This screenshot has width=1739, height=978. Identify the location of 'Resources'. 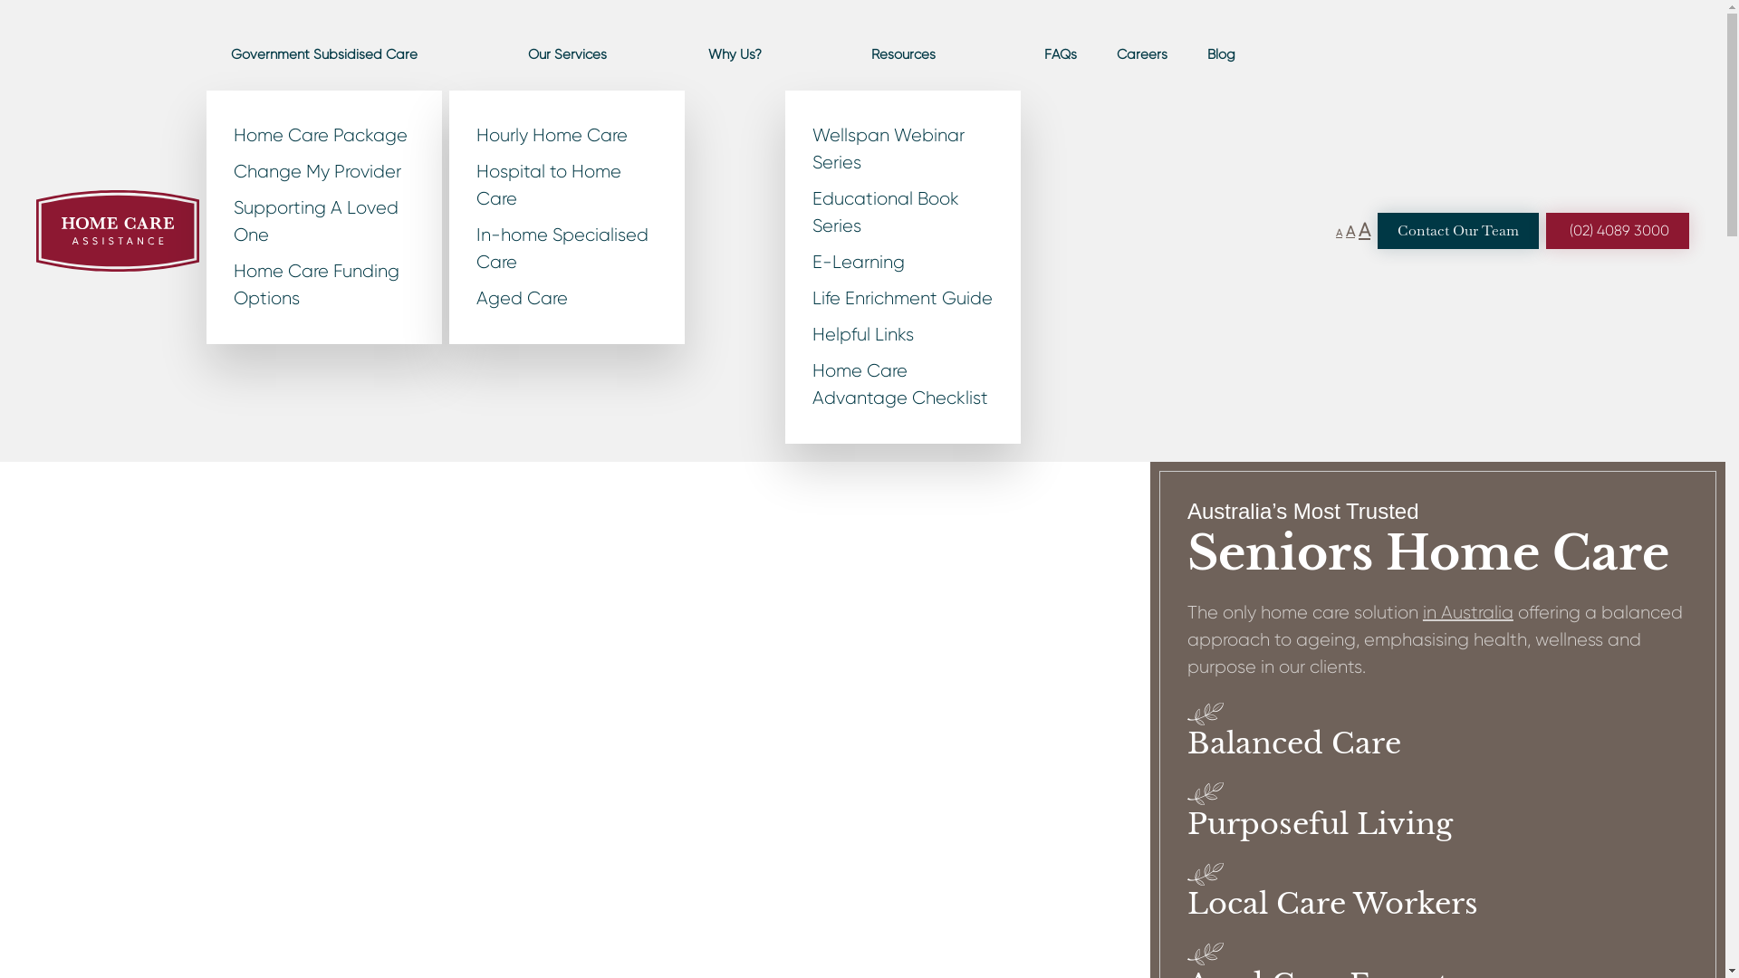
(903, 53).